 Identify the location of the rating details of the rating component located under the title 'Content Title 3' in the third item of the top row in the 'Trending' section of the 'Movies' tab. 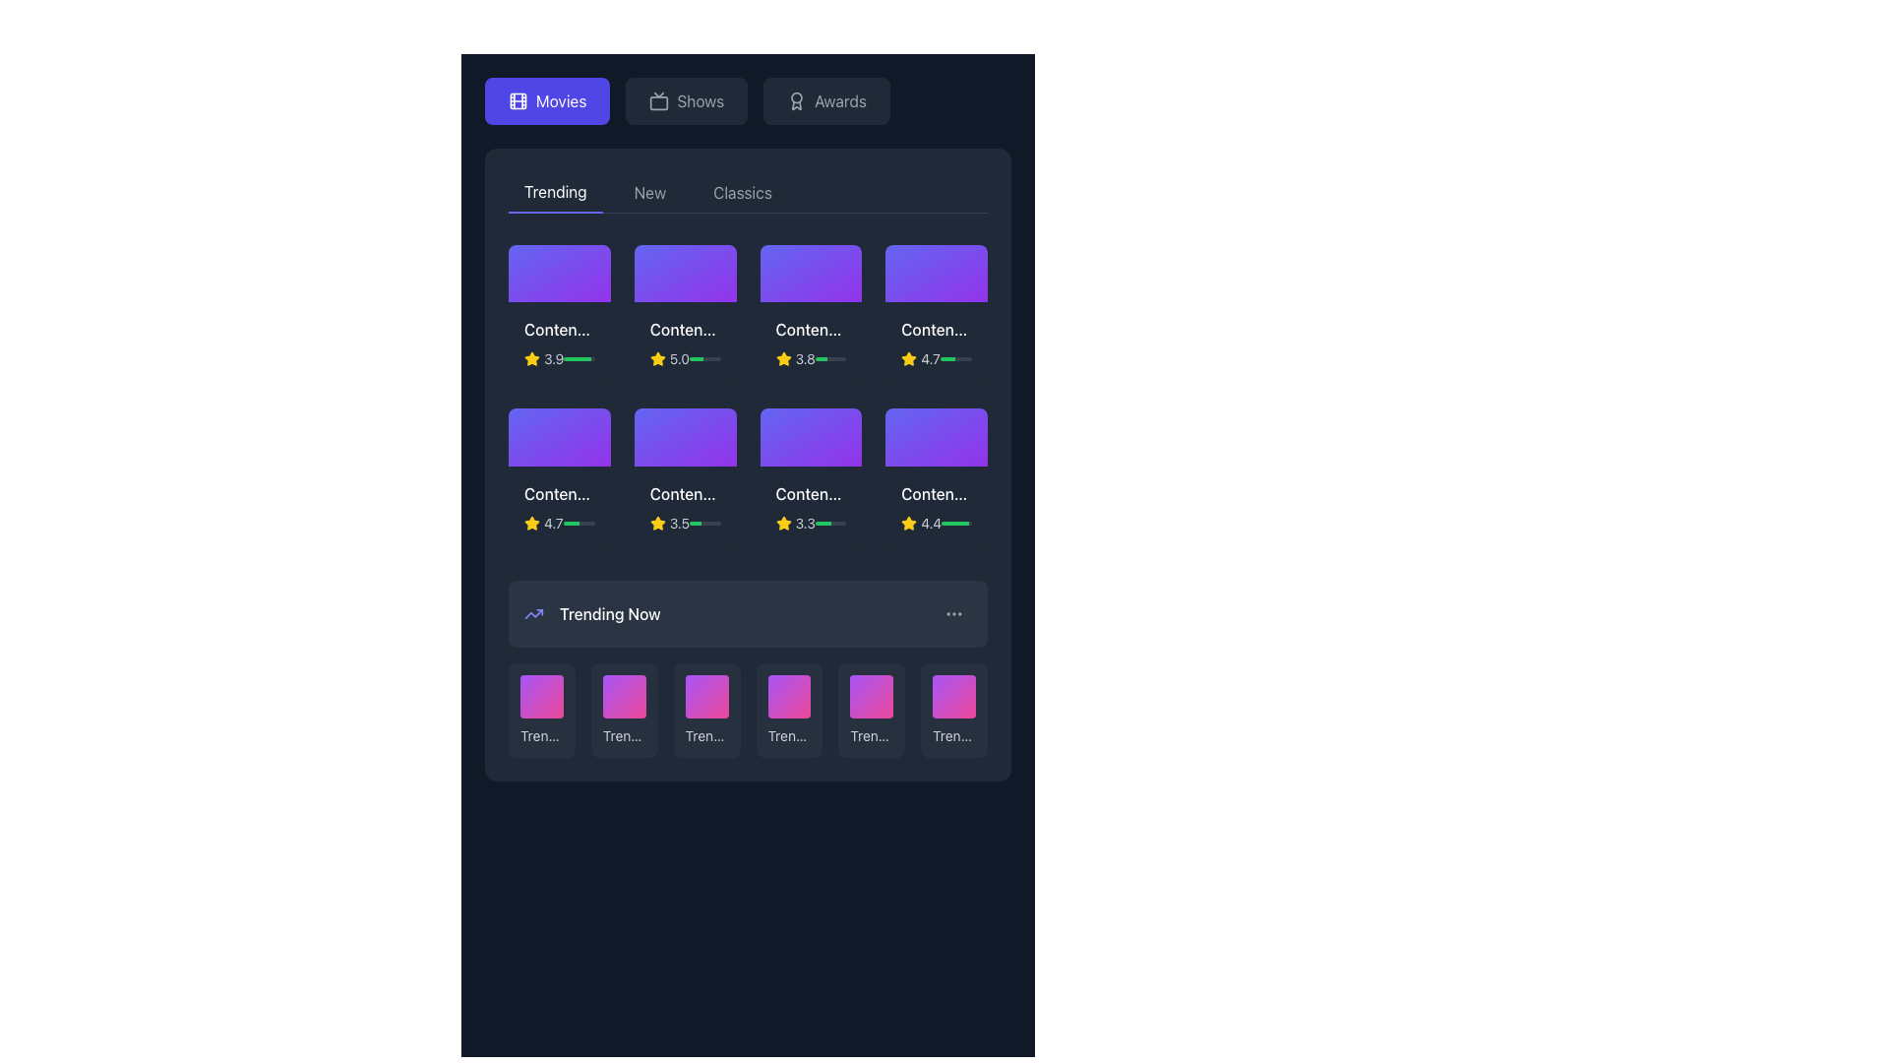
(811, 359).